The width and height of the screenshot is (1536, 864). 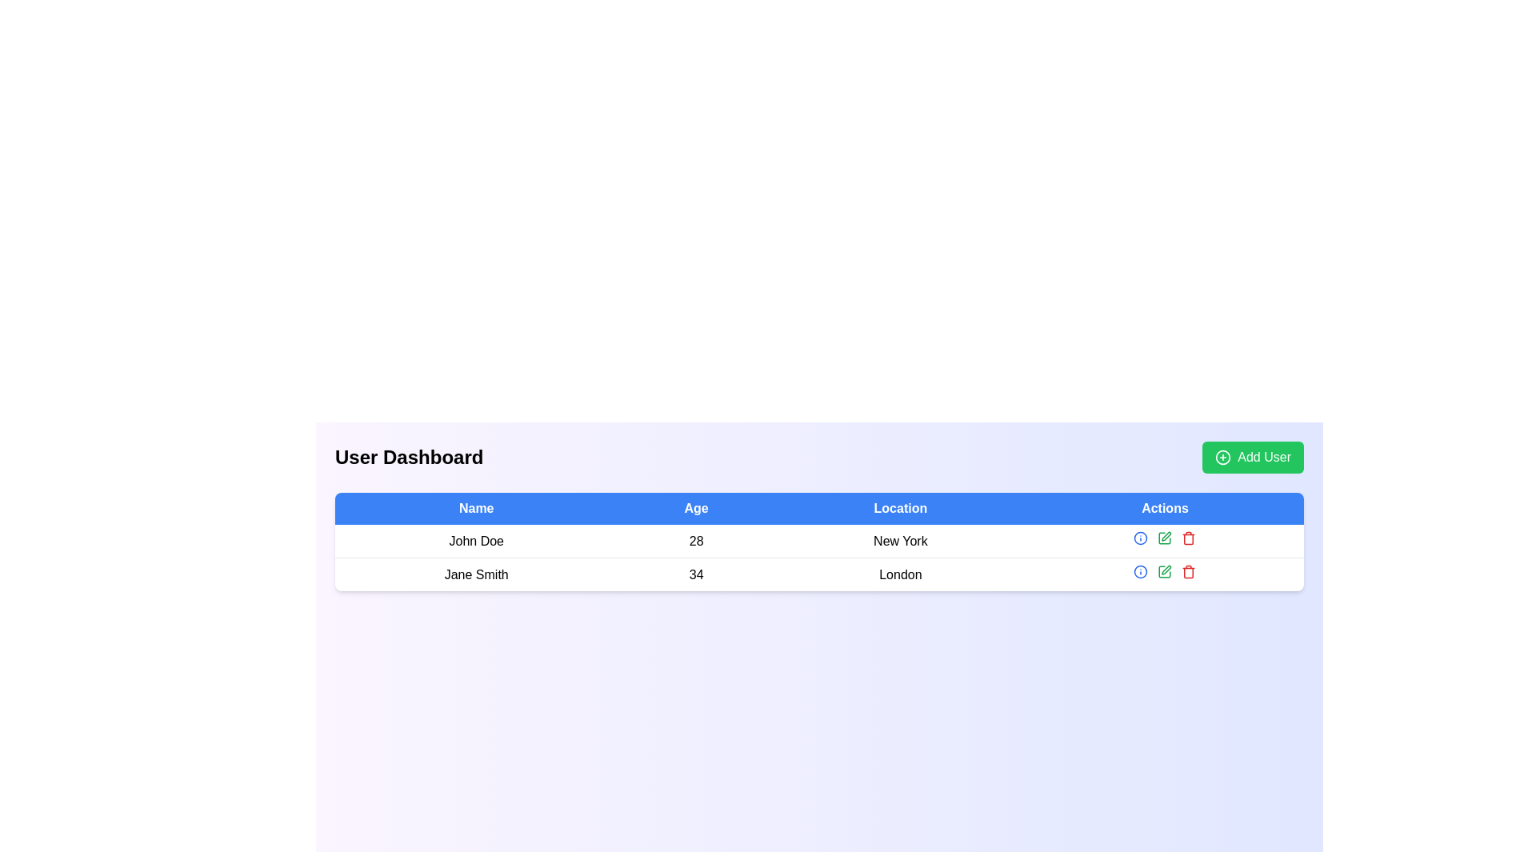 I want to click on the 'Add User' button, which is a green rectangular button with white text and a plus sign icon, located at the top-right corner of the section adjacent to 'User Dashboard', so click(x=1252, y=457).